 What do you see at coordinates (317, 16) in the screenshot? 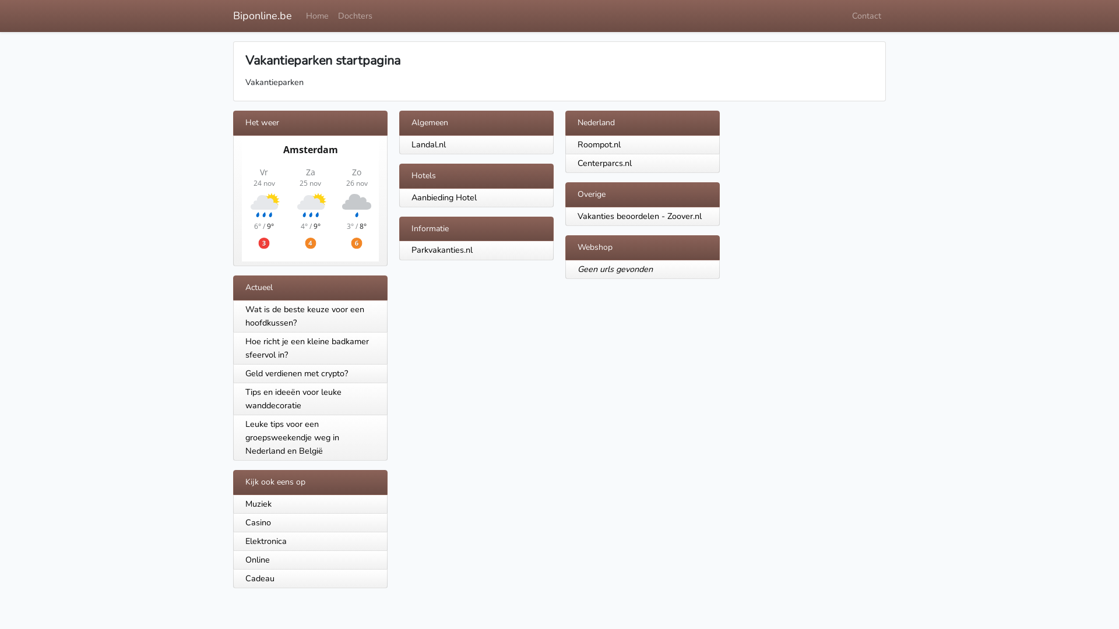
I see `'Home'` at bounding box center [317, 16].